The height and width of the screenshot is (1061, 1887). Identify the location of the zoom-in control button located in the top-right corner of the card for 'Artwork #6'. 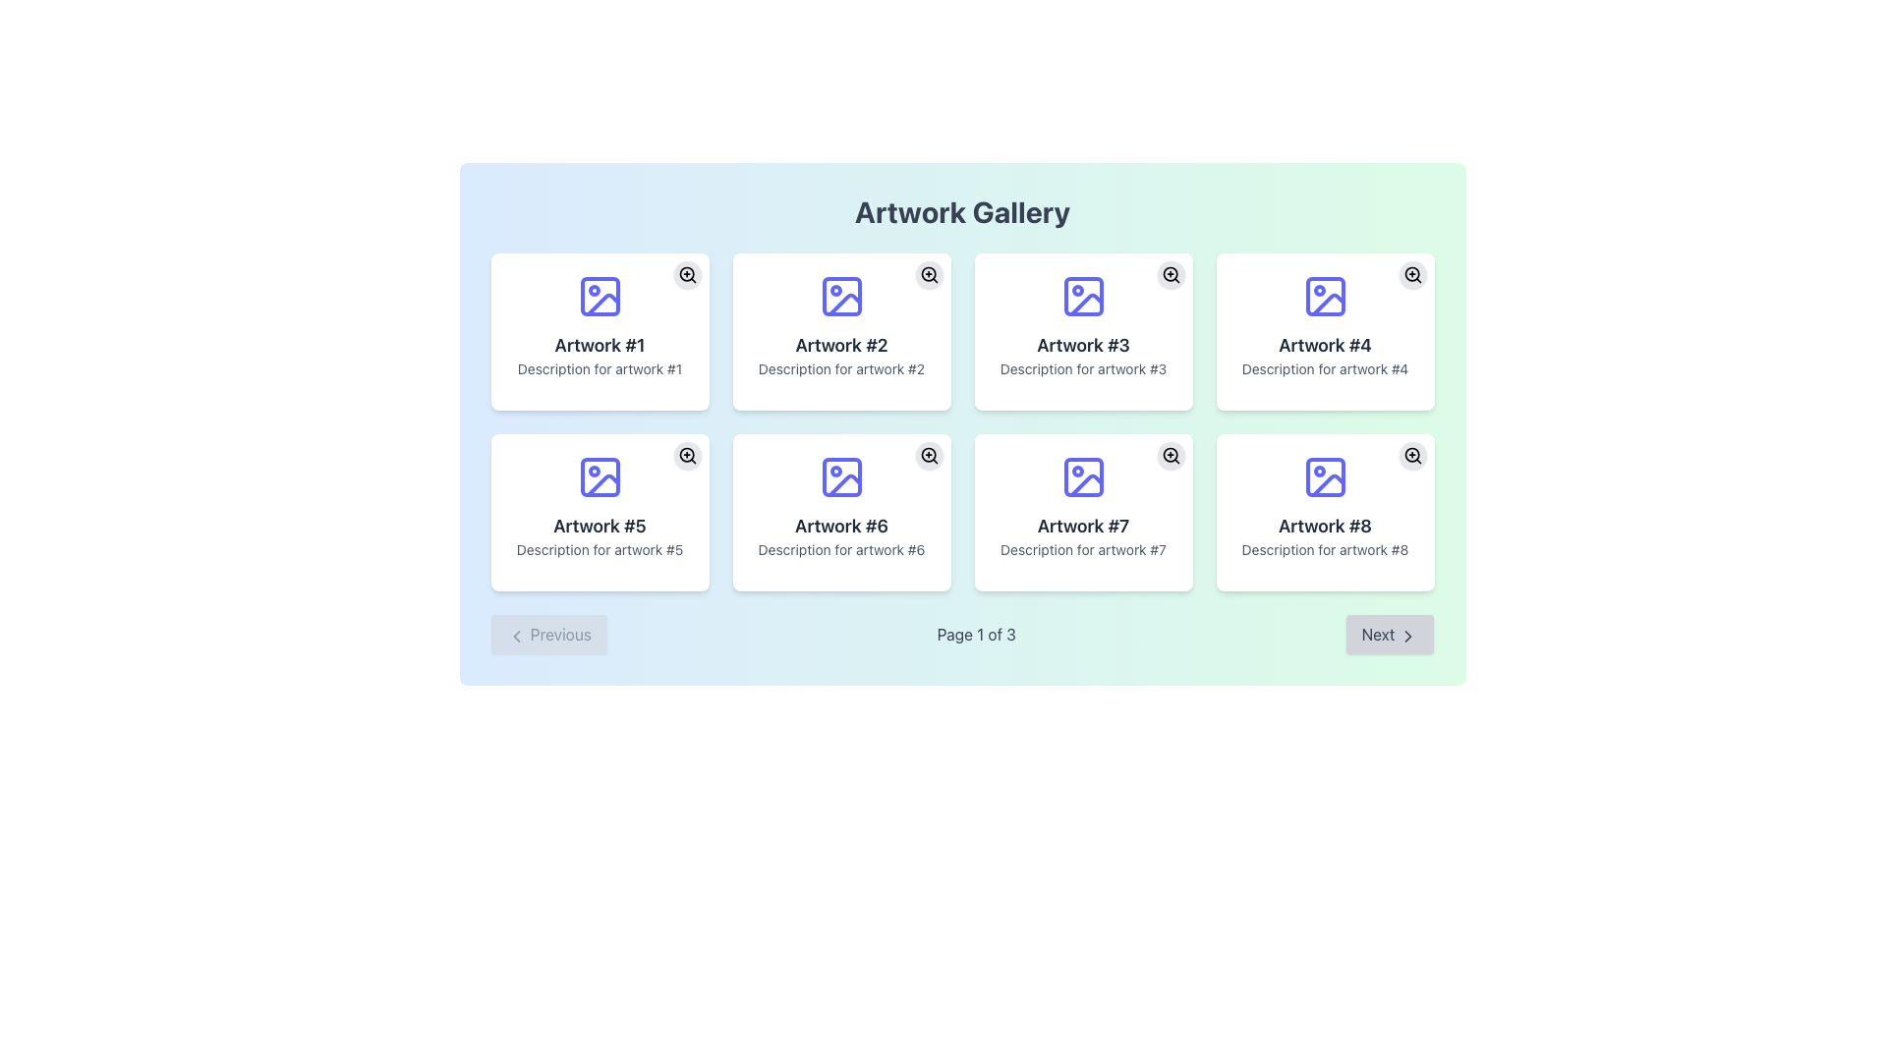
(928, 455).